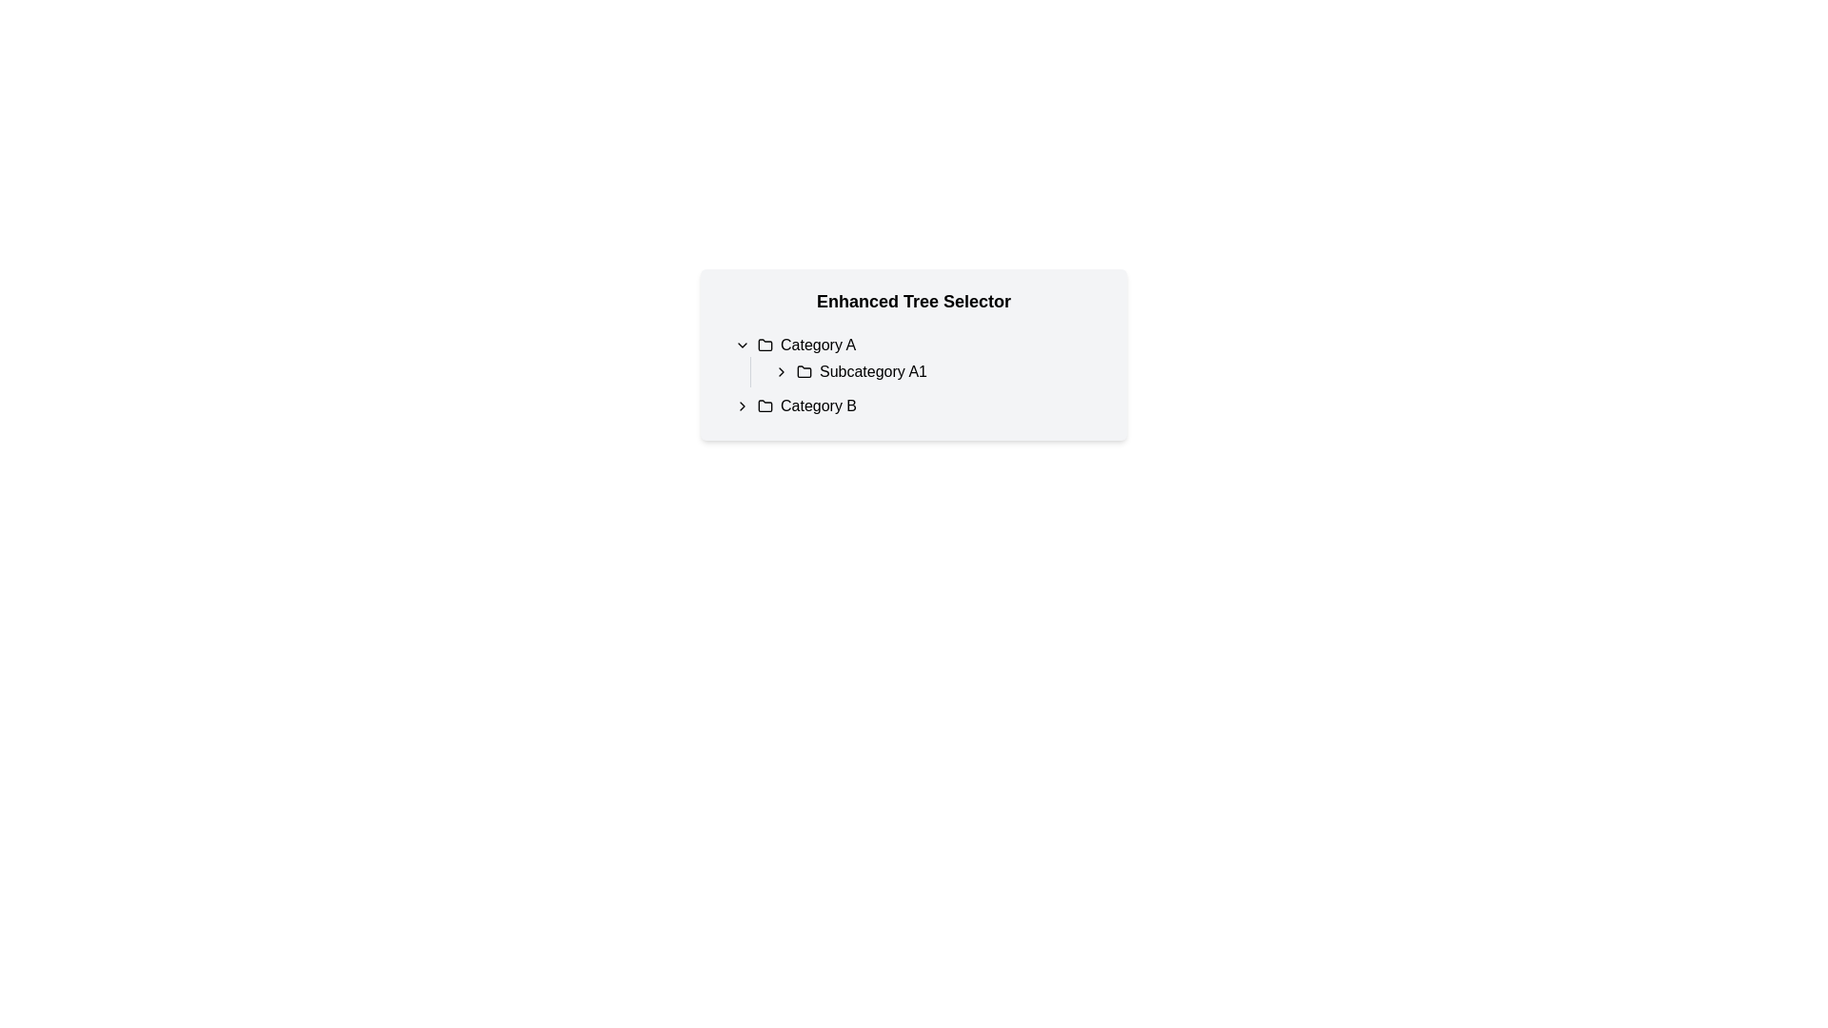 This screenshot has height=1028, width=1828. What do you see at coordinates (741, 405) in the screenshot?
I see `the small right-pointing chevron icon located to the immediate left of the 'Category B' label` at bounding box center [741, 405].